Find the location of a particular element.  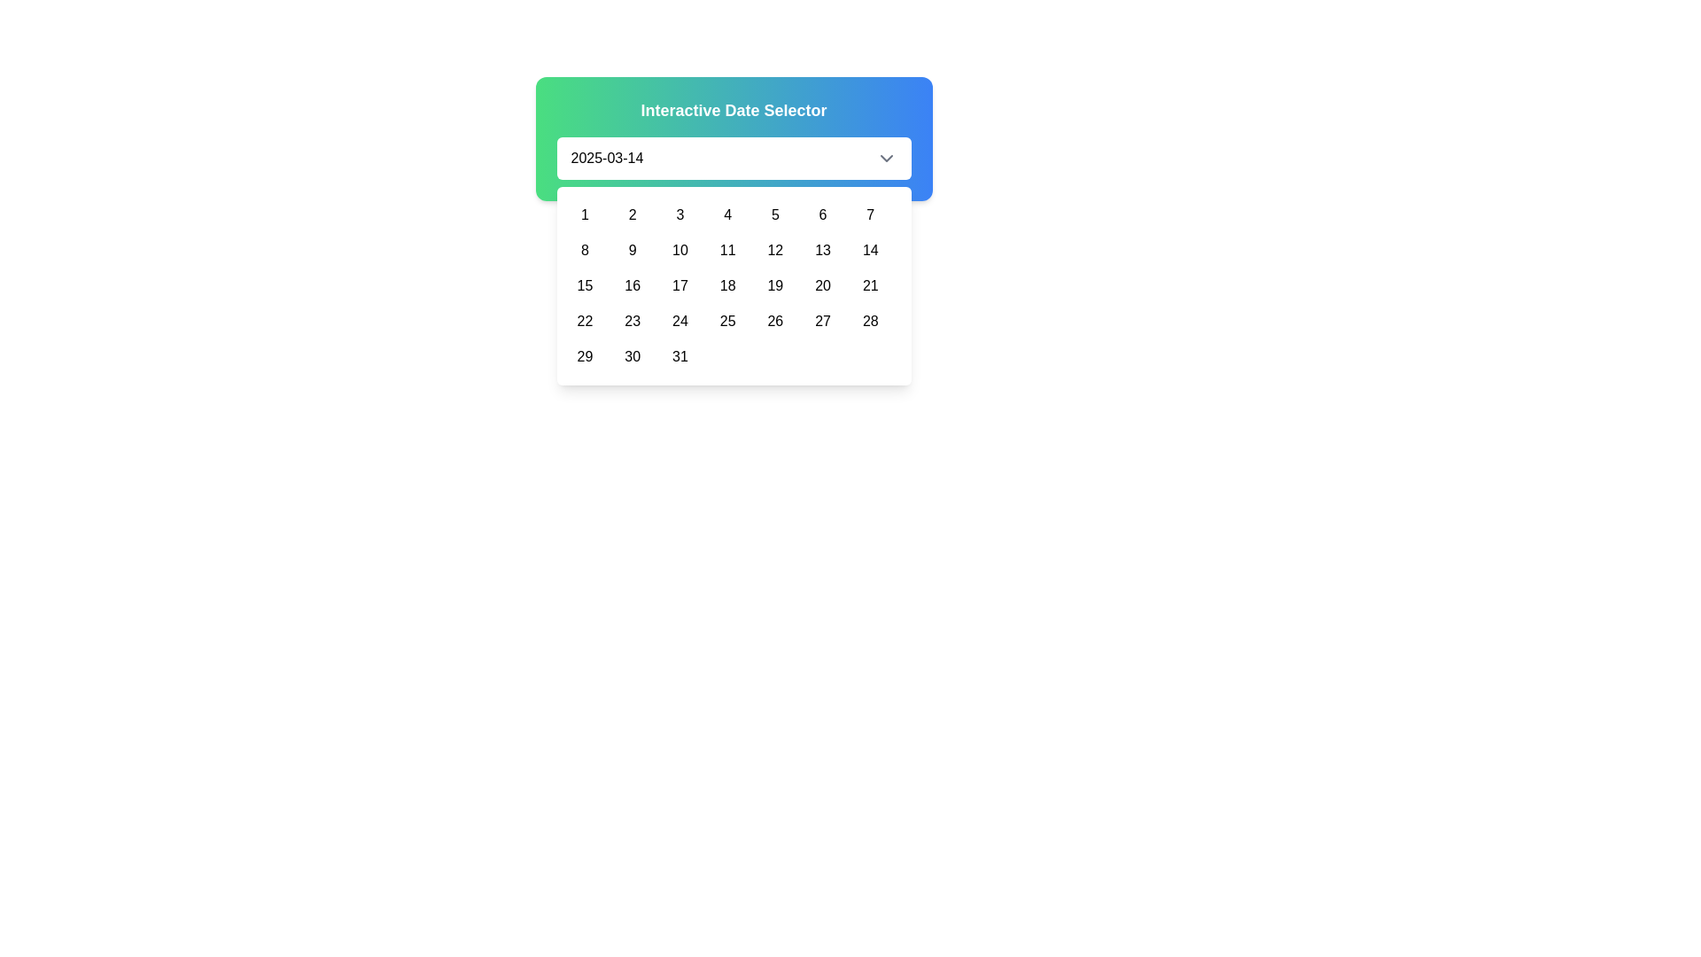

the button representing the date '16' in the date picker interface is located at coordinates (633, 285).